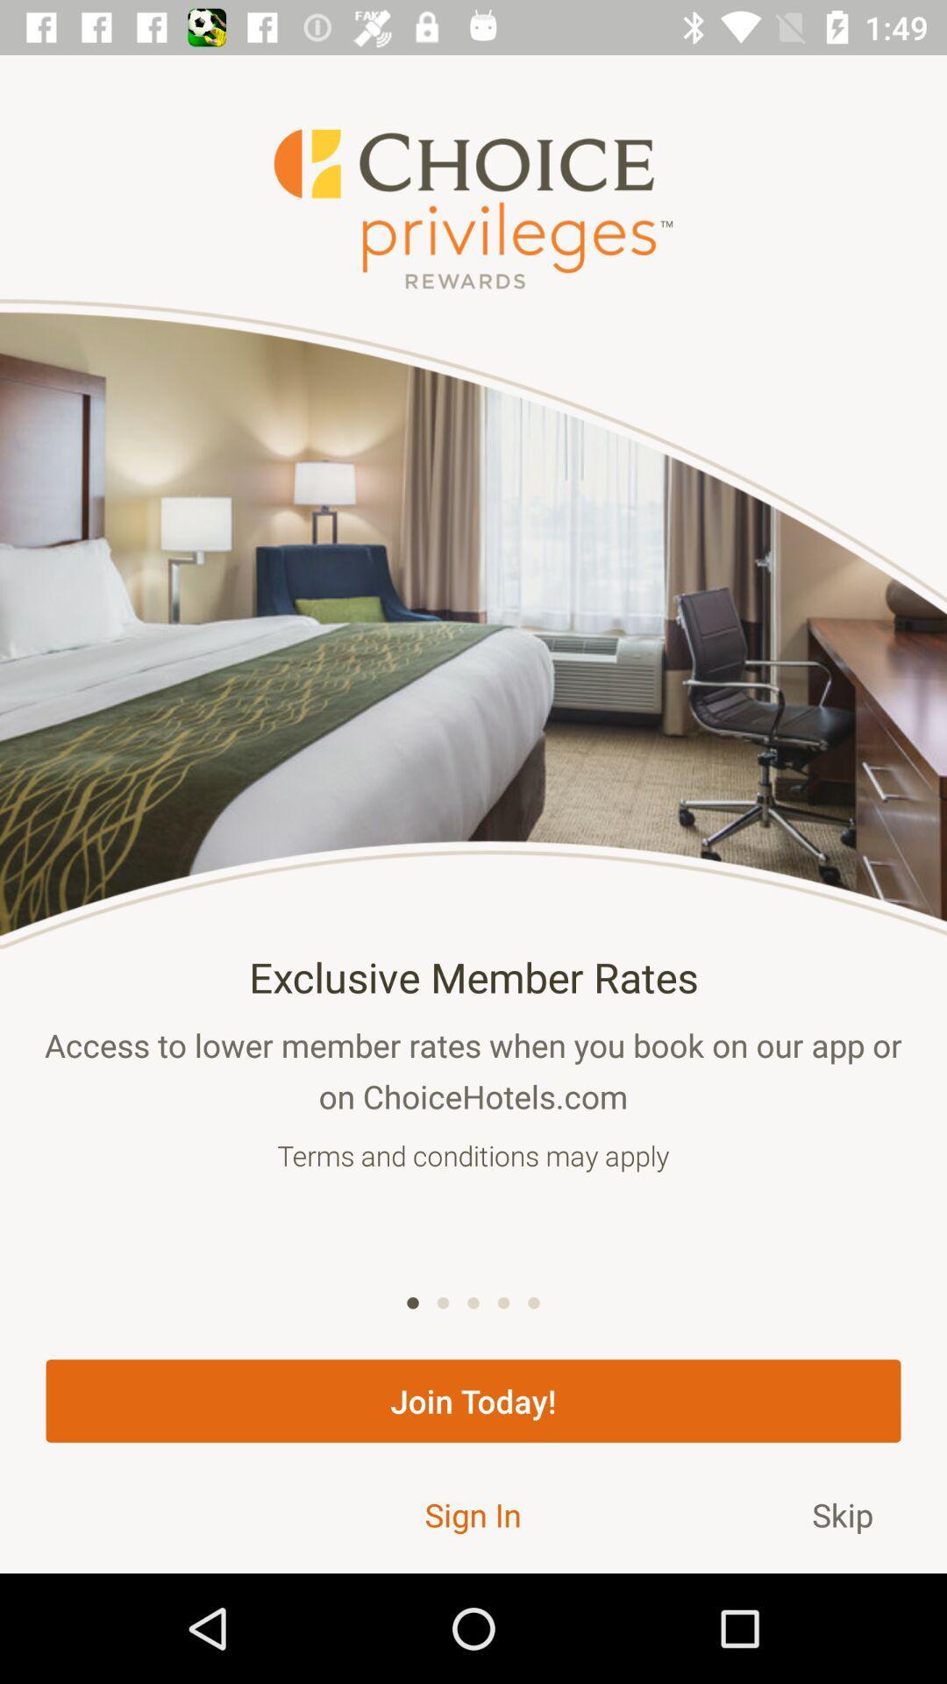  Describe the element at coordinates (842, 1514) in the screenshot. I see `icon next to sign in item` at that location.